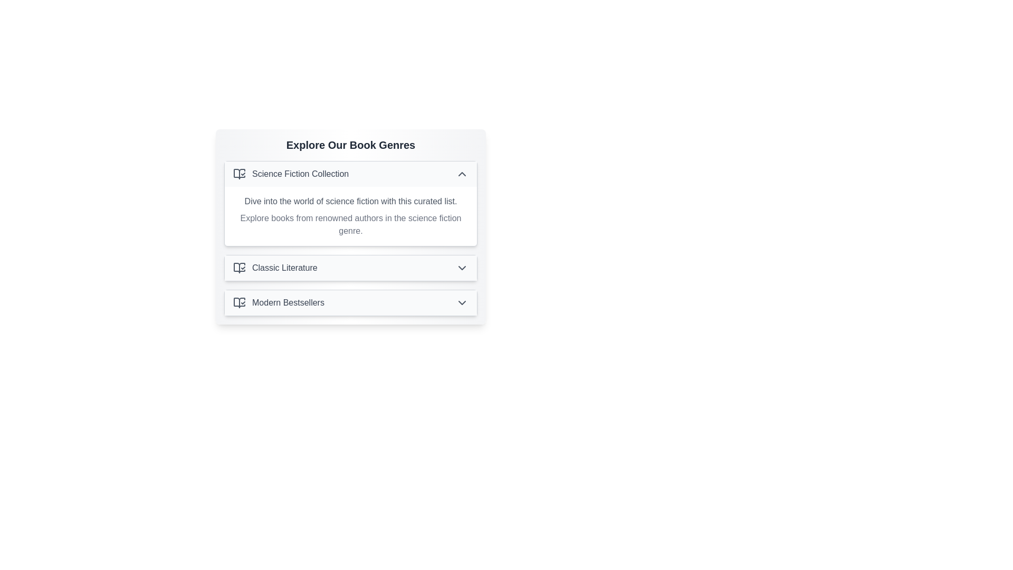 This screenshot has width=1013, height=570. What do you see at coordinates (351, 303) in the screenshot?
I see `the 'Modern Bestsellers' dropdown item` at bounding box center [351, 303].